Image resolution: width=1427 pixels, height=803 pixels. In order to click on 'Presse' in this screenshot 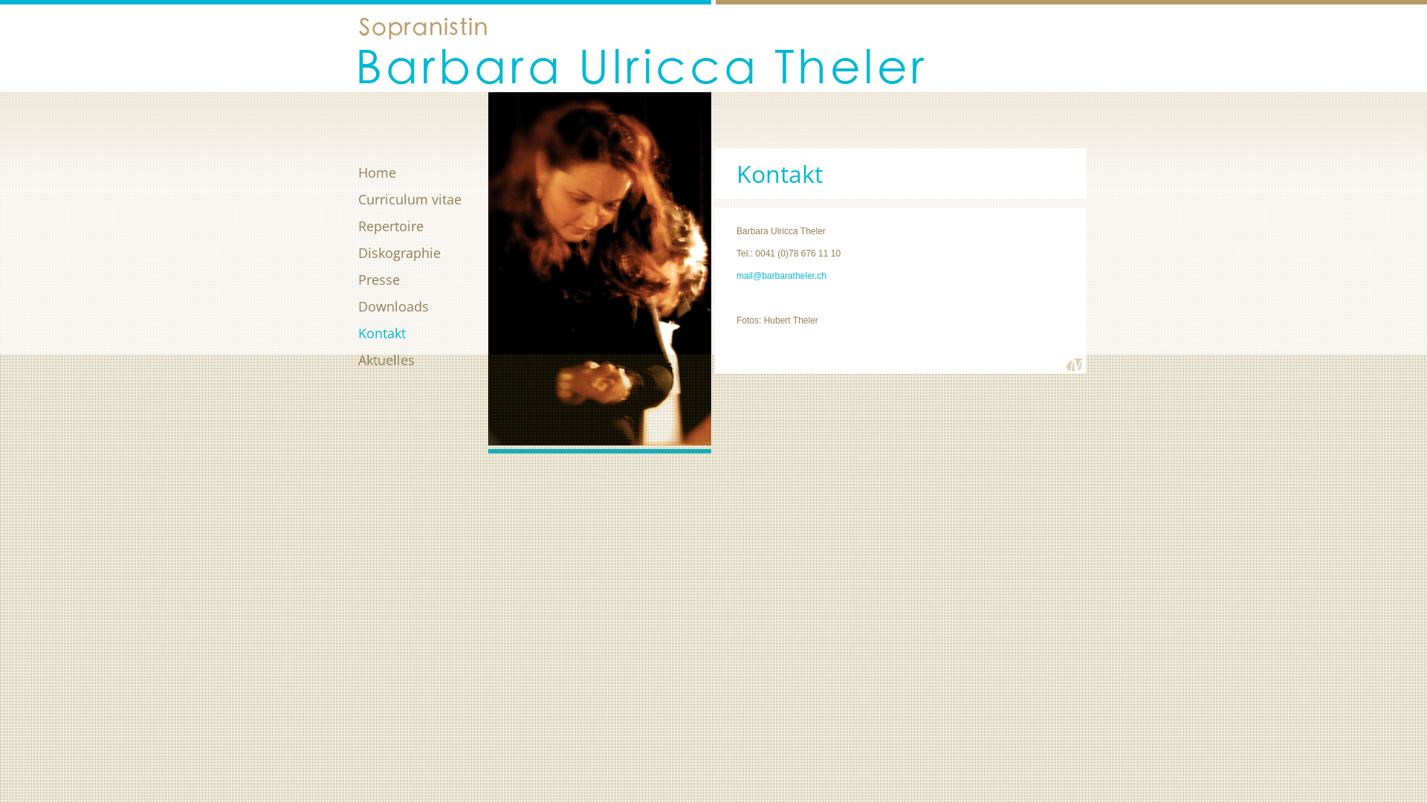, I will do `click(422, 279)`.